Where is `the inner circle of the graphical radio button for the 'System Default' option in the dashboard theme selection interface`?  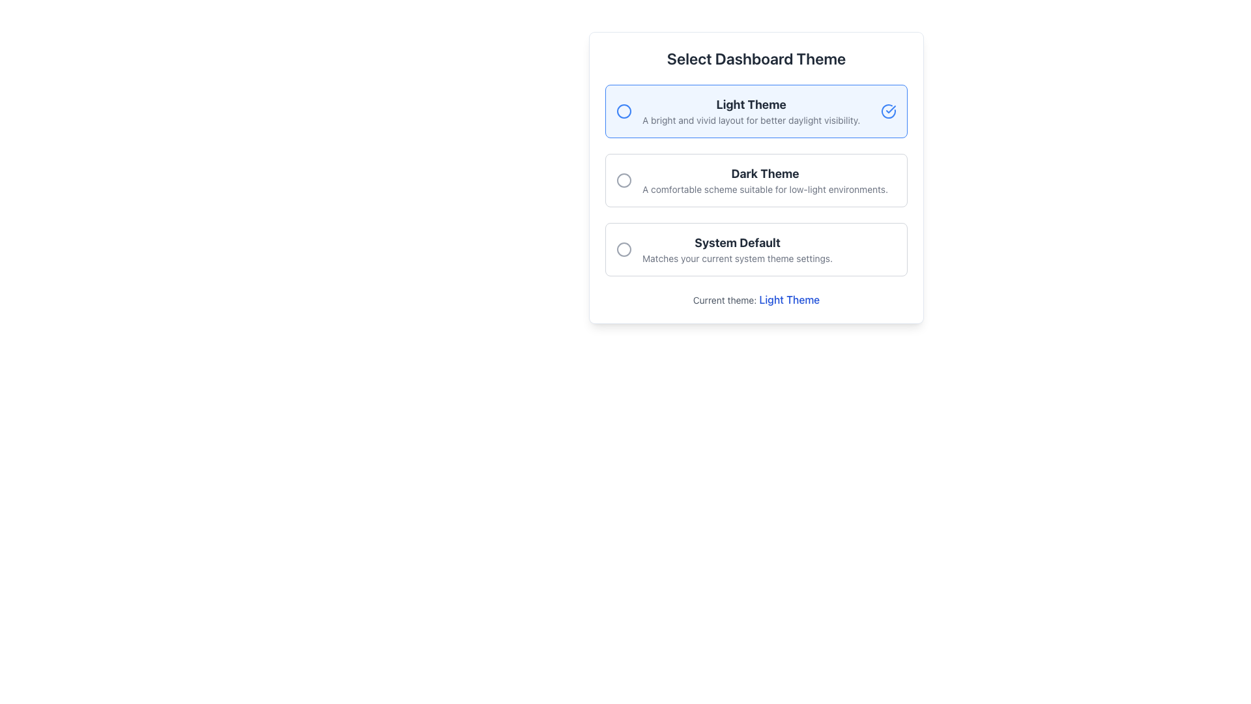 the inner circle of the graphical radio button for the 'System Default' option in the dashboard theme selection interface is located at coordinates (624, 249).